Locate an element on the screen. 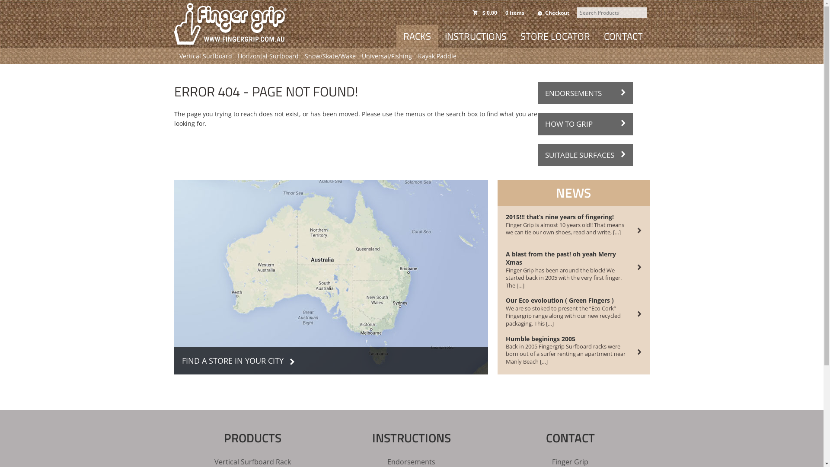 This screenshot has width=830, height=467. 'Vertical Surfboard' is located at coordinates (205, 56).